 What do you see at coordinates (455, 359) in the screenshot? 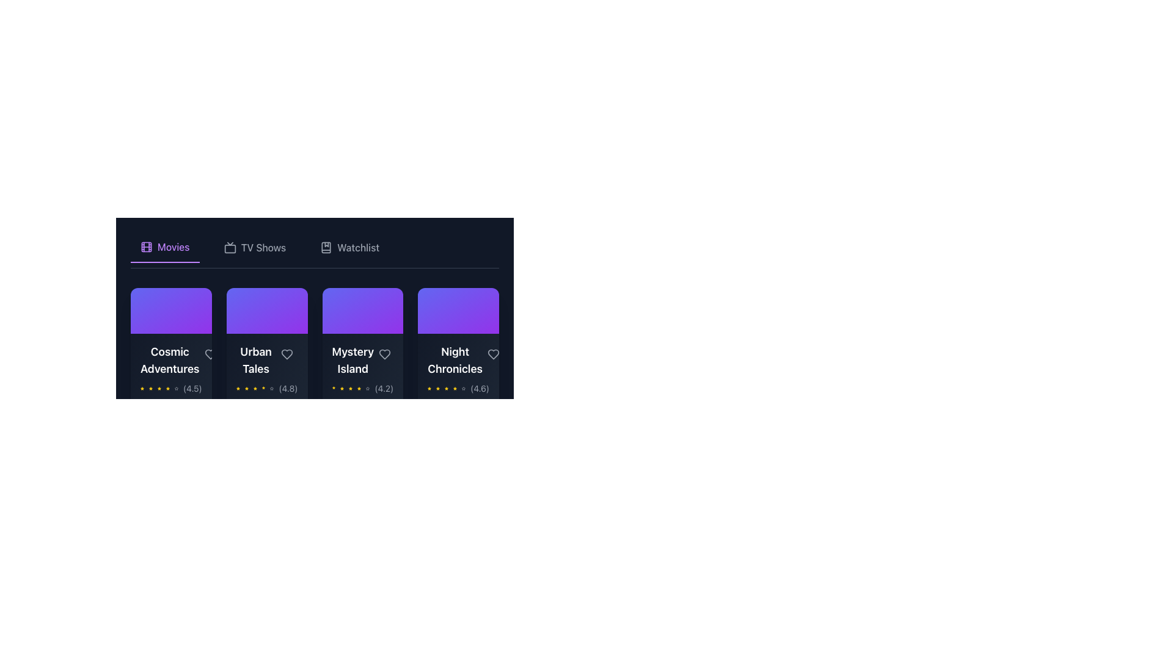
I see `text label displaying 'Night Chronicles' located in the fourth card under the 'Movies' tab, positioned centrally below the violet header graphic` at bounding box center [455, 359].